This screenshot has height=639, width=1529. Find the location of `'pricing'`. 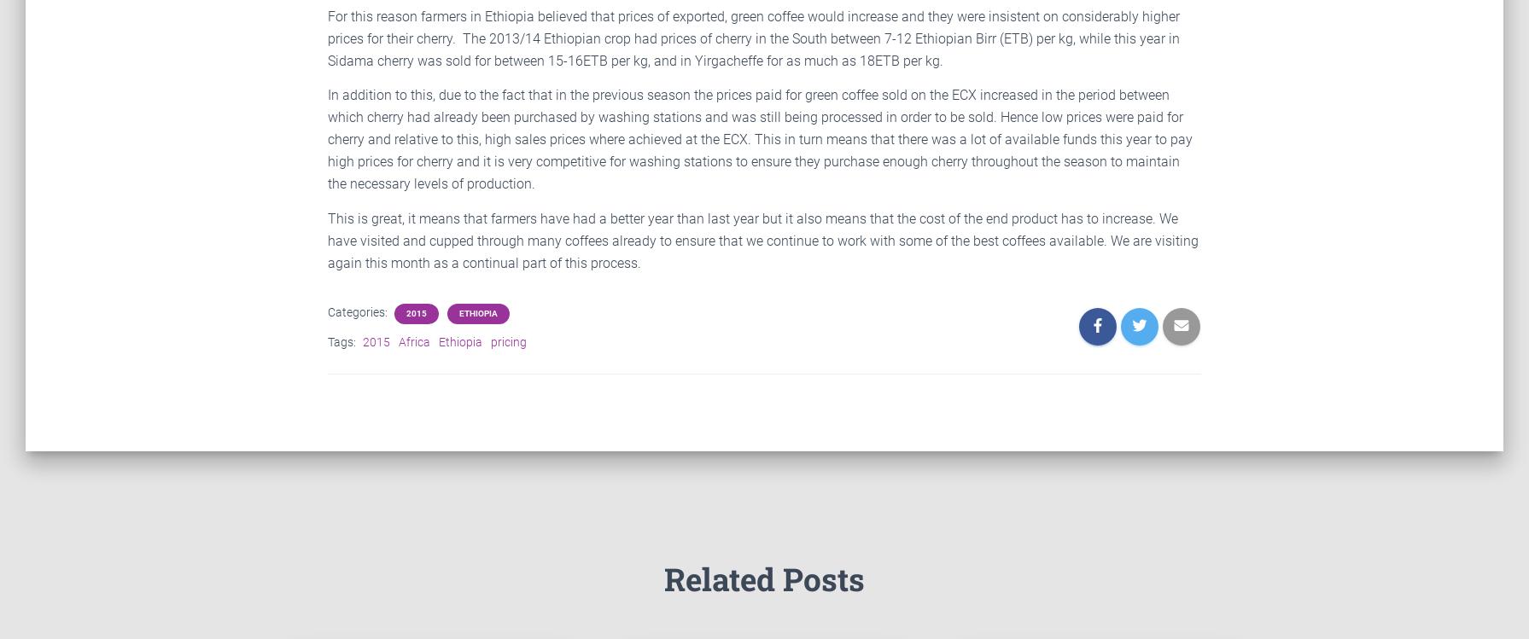

'pricing' is located at coordinates (509, 341).